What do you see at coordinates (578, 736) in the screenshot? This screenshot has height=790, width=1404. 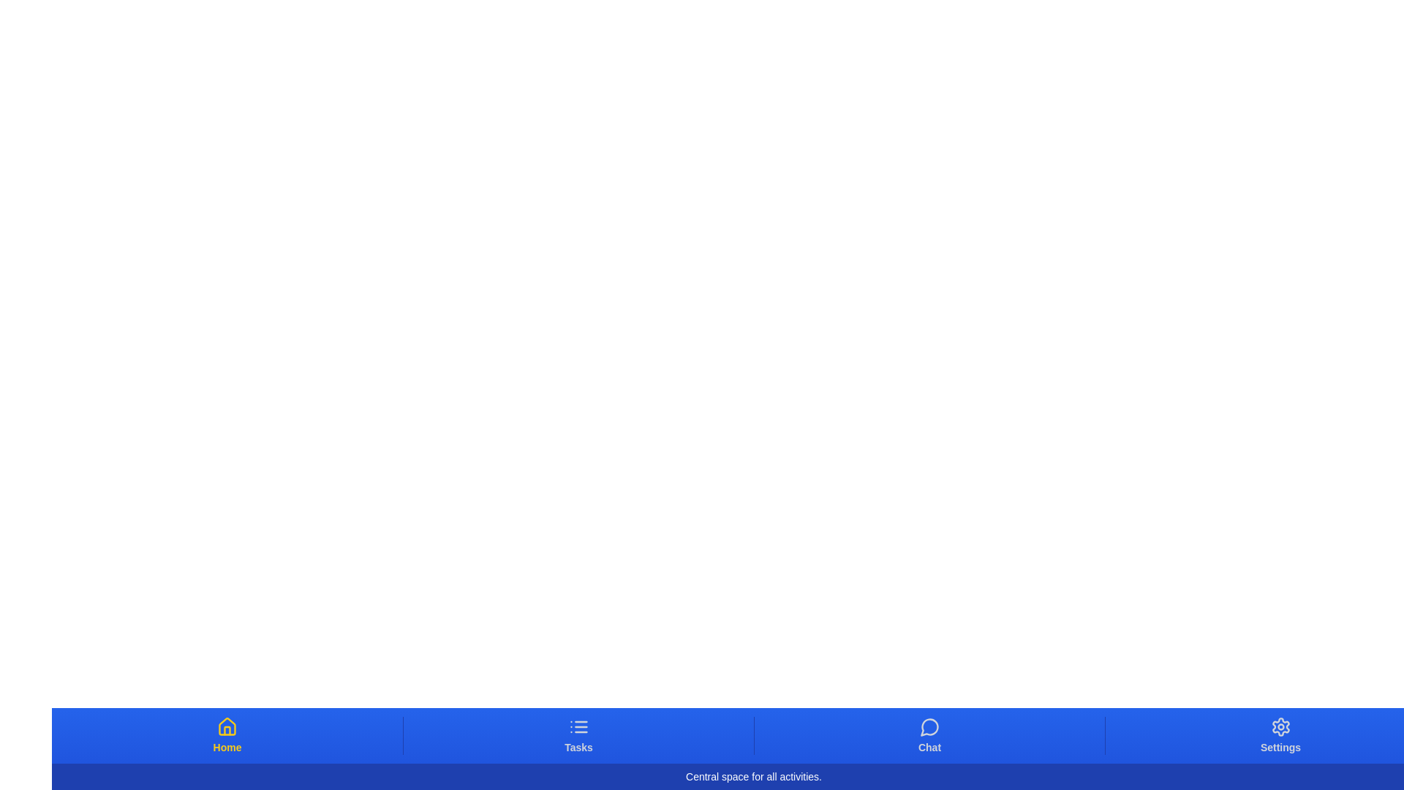 I see `the tab button labeled Tasks` at bounding box center [578, 736].